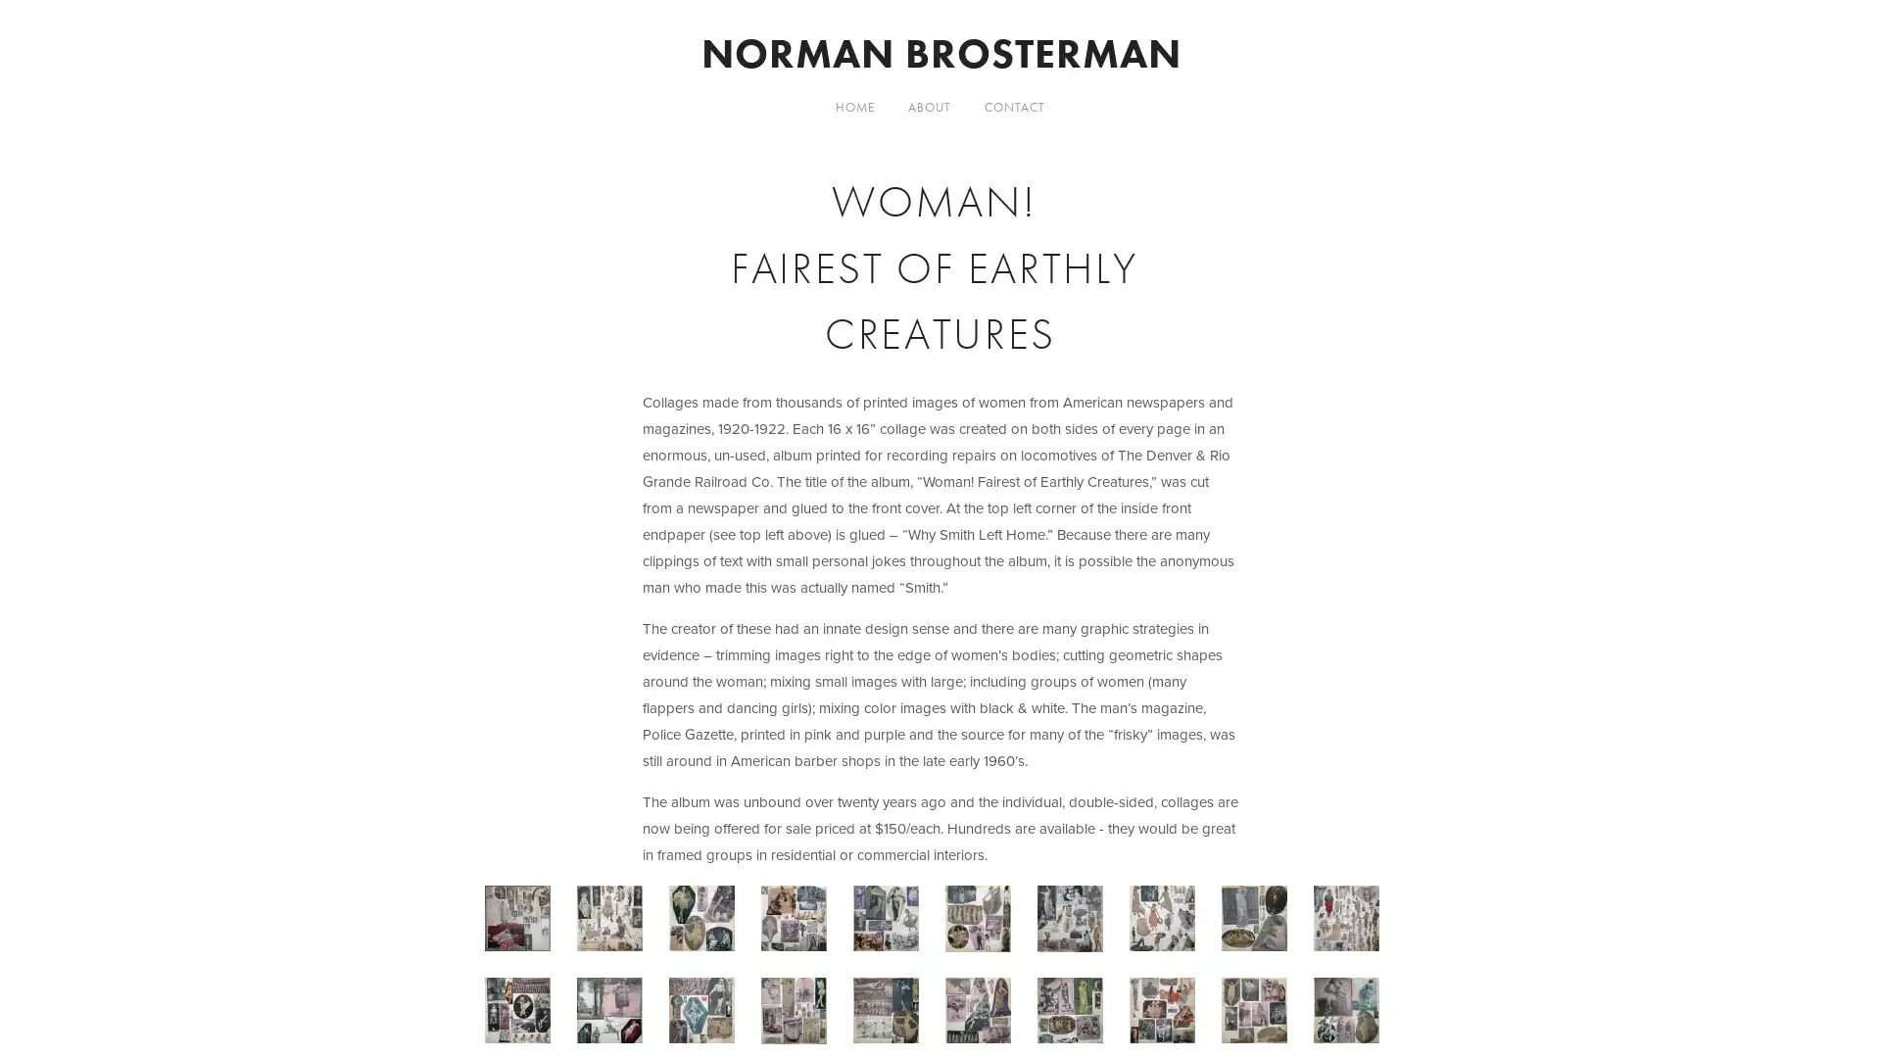  I want to click on View fullsize Smith 39.jpg, so click(1077, 926).